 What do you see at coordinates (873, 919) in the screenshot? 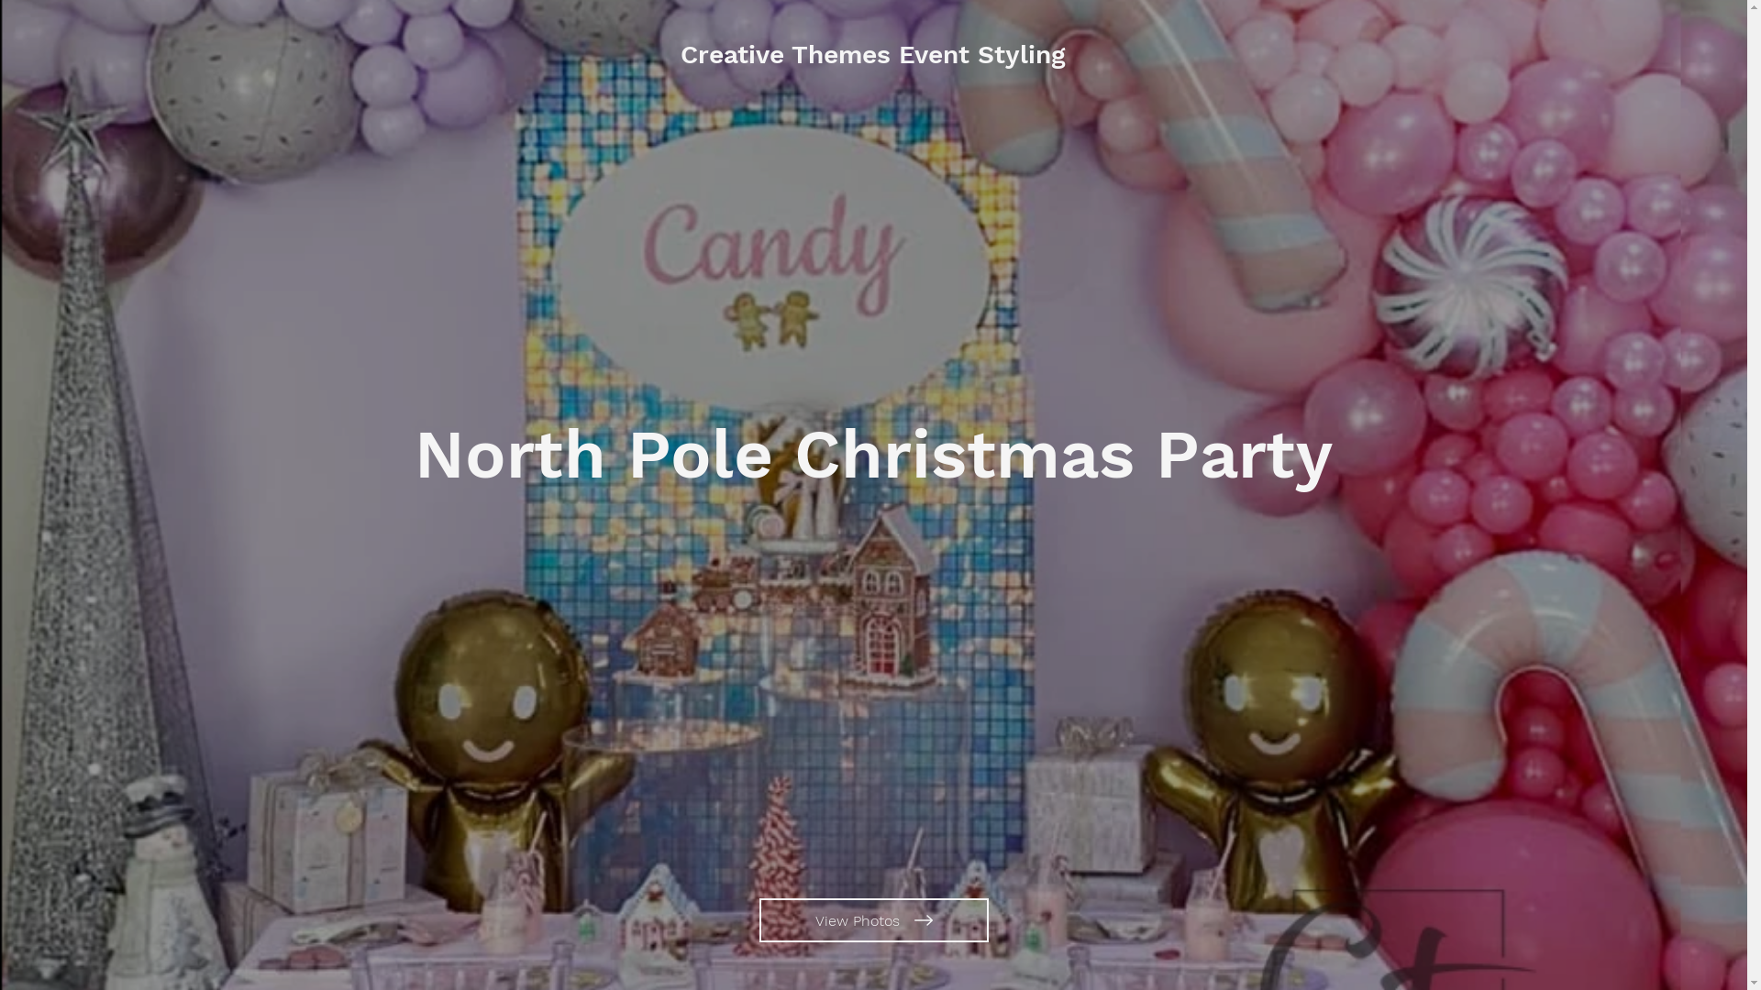
I see `'View Photos'` at bounding box center [873, 919].